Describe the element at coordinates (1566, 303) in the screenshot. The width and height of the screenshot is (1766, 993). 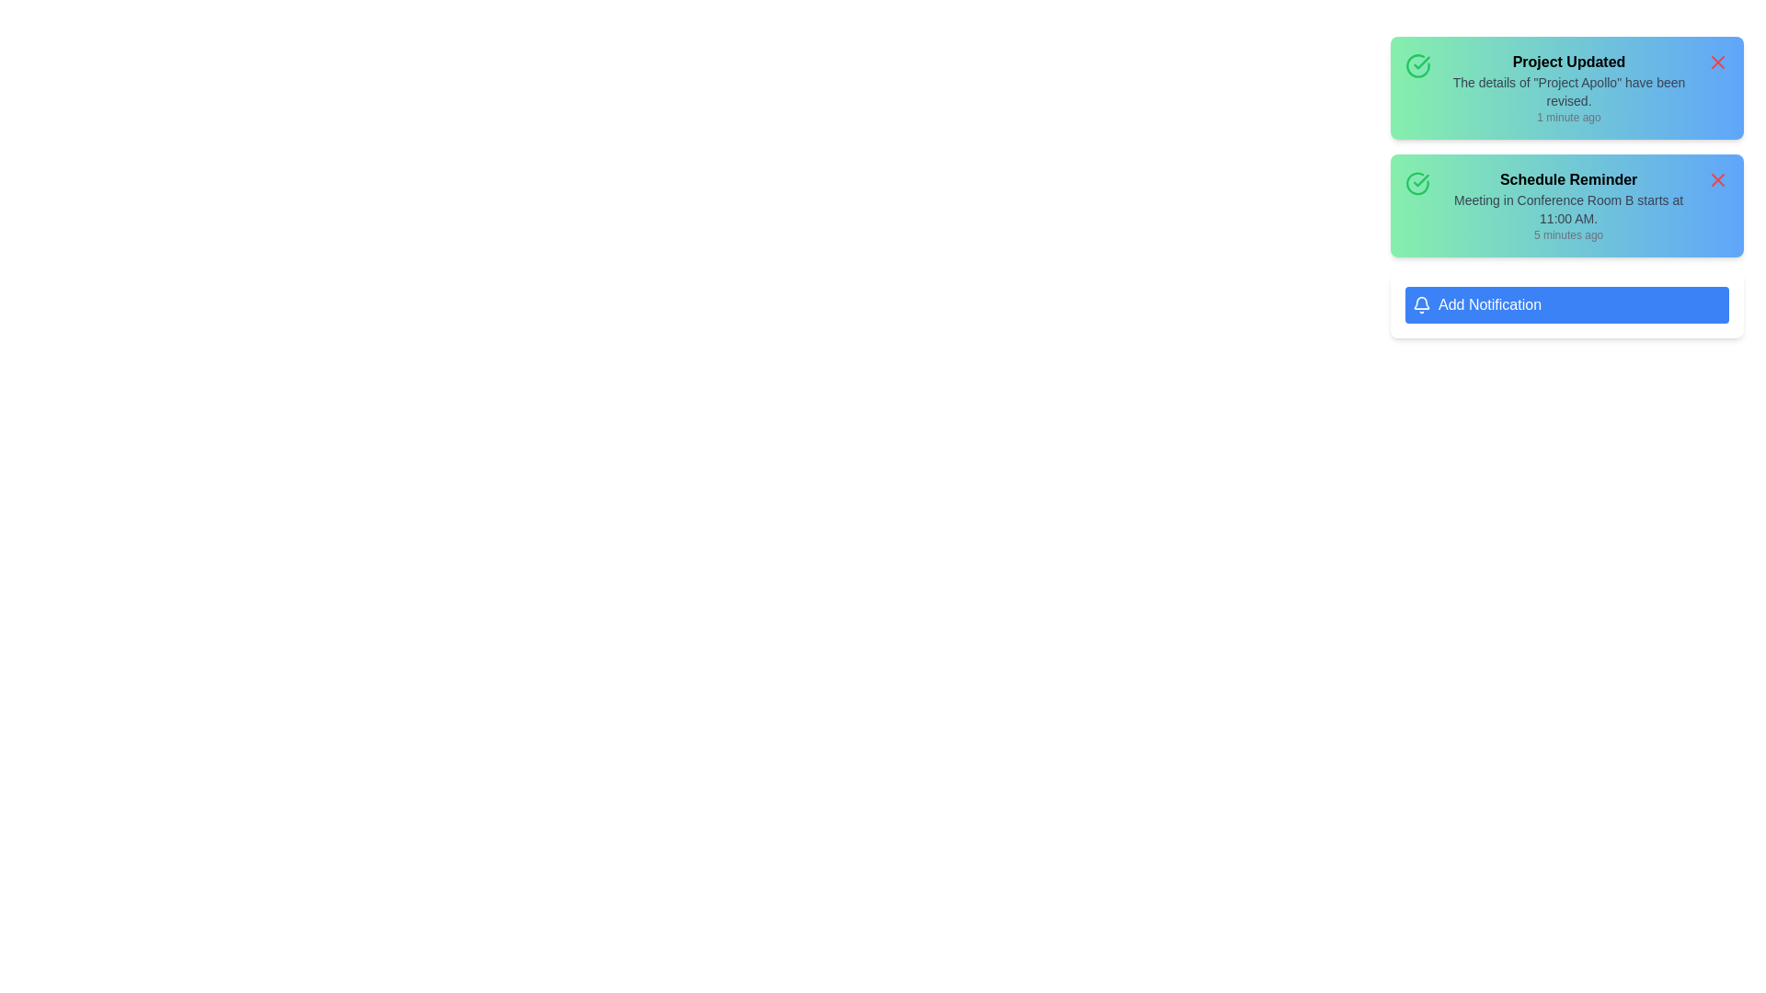
I see `the 'Add Notification' button to initiate the addition of a new notification` at that location.